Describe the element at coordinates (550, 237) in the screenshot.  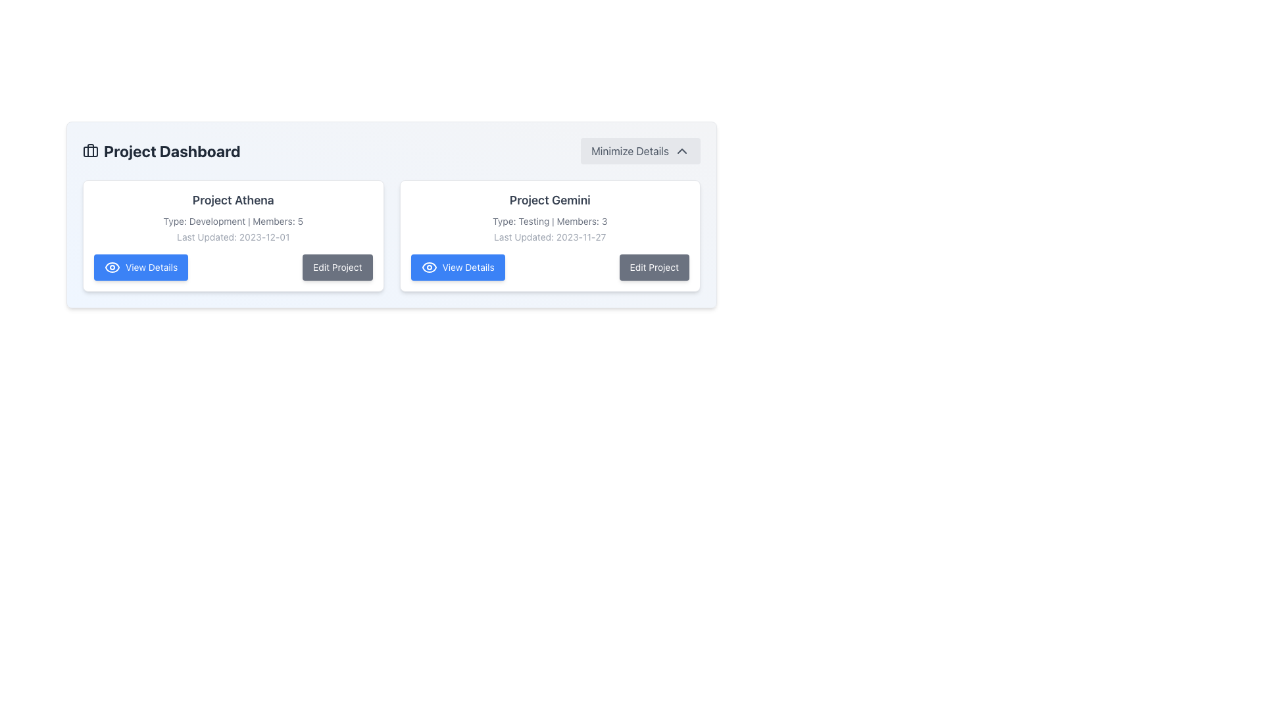
I see `the third textual line in the 'Project Gemini' card that displays the last update date of the associated project` at that location.